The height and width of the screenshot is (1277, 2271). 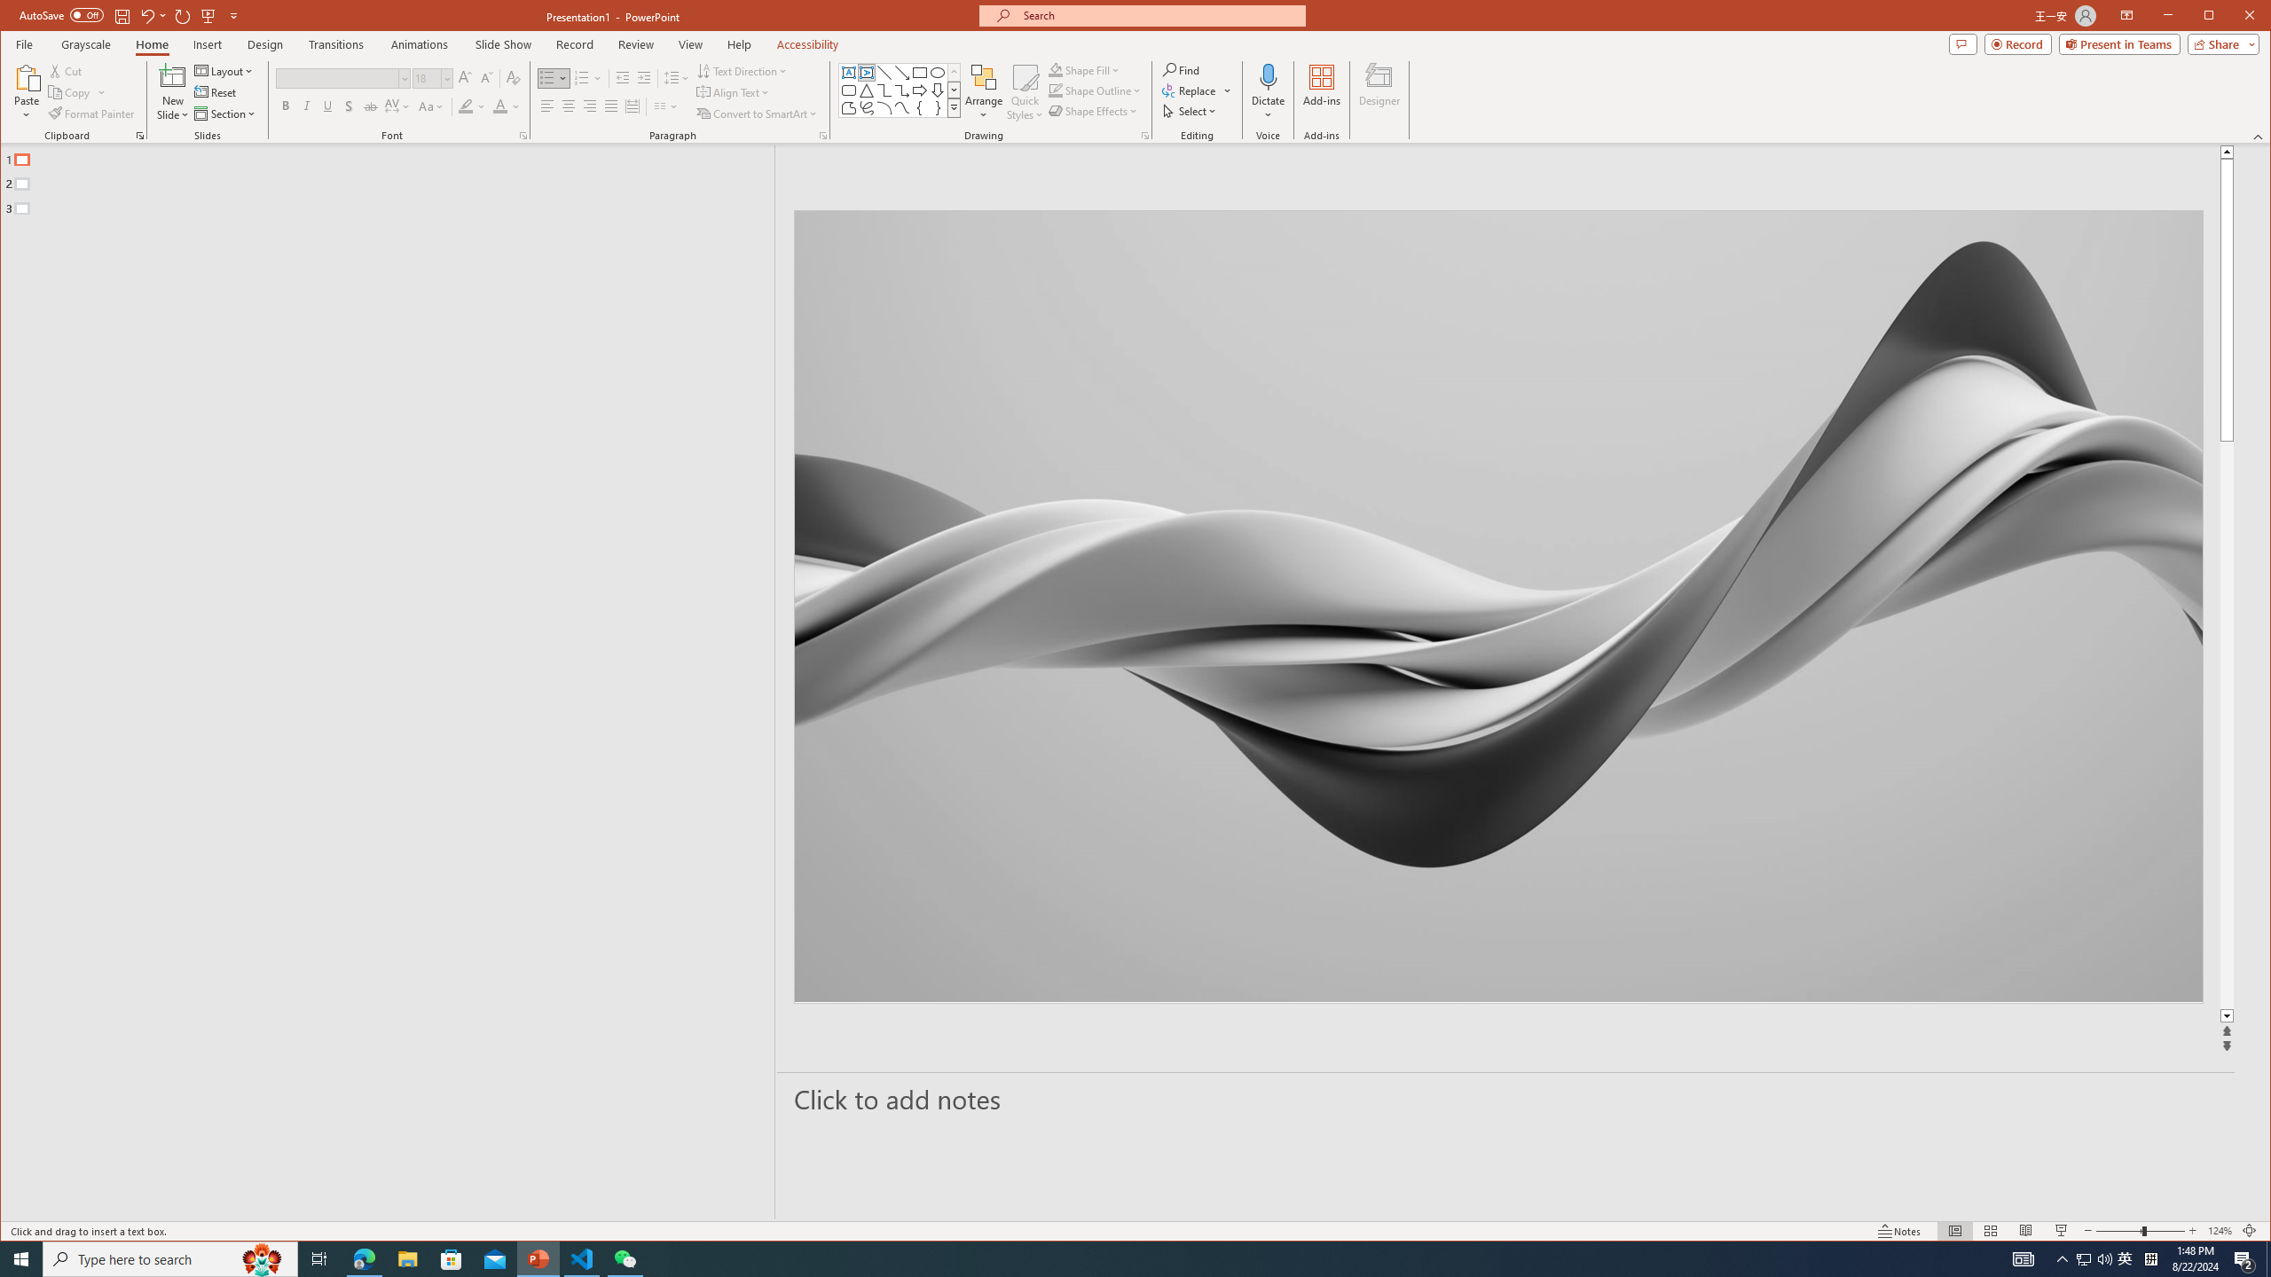 What do you see at coordinates (2220, 1230) in the screenshot?
I see `'Zoom 124%'` at bounding box center [2220, 1230].